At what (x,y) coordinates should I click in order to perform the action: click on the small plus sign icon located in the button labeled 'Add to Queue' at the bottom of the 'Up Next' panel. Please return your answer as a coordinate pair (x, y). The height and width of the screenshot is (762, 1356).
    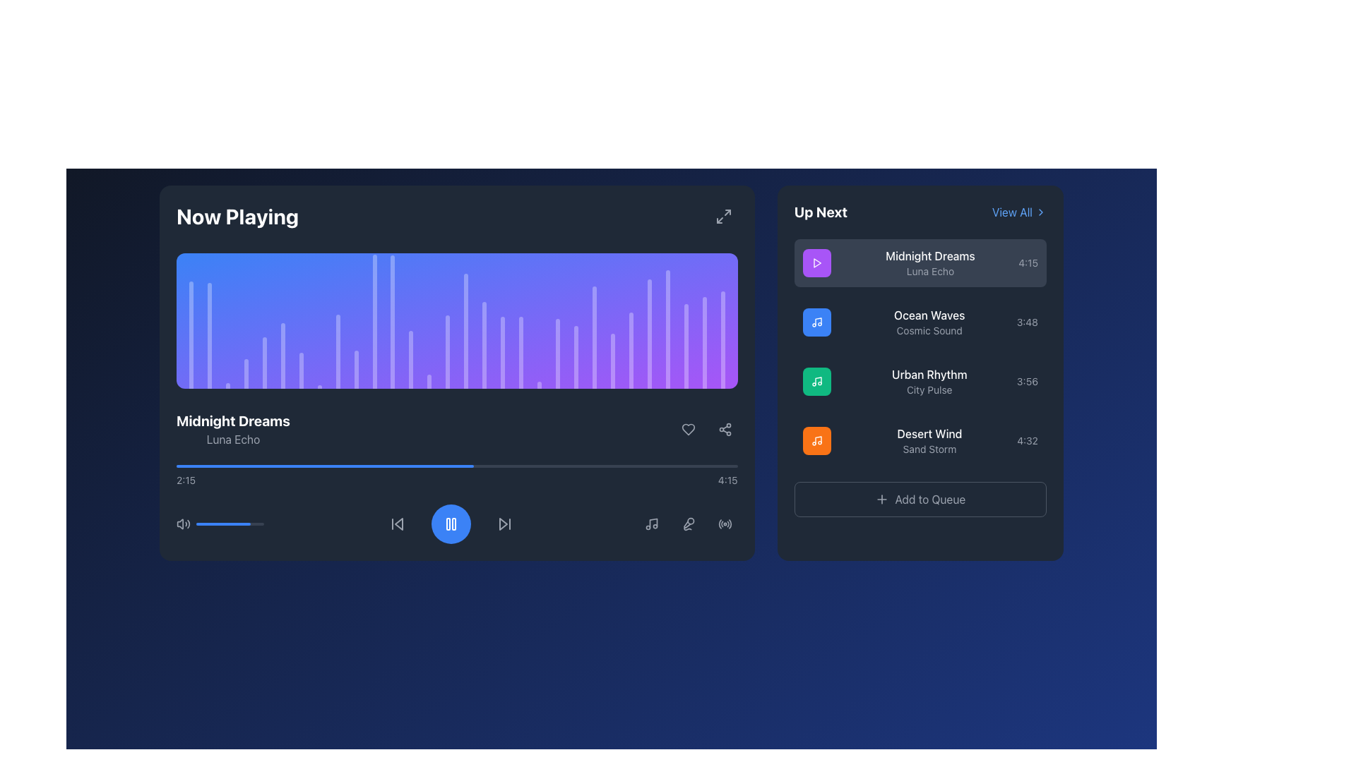
    Looking at the image, I should click on (881, 499).